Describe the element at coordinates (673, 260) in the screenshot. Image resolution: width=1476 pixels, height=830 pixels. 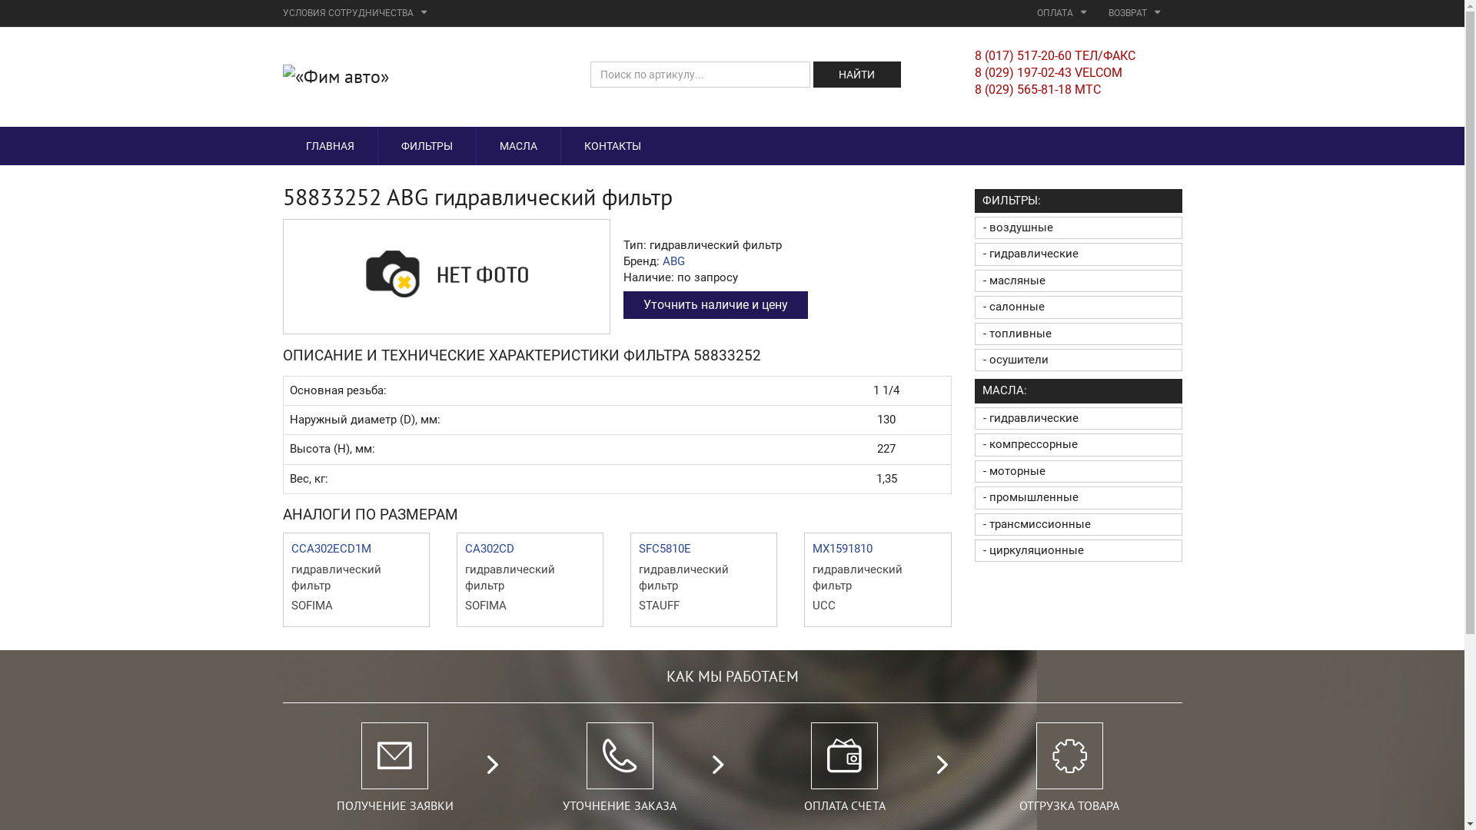
I see `'ABG'` at that location.